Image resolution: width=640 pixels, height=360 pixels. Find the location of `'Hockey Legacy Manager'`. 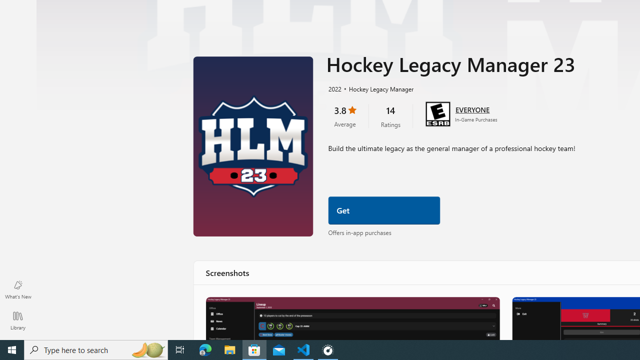

'Hockey Legacy Manager' is located at coordinates (376, 88).